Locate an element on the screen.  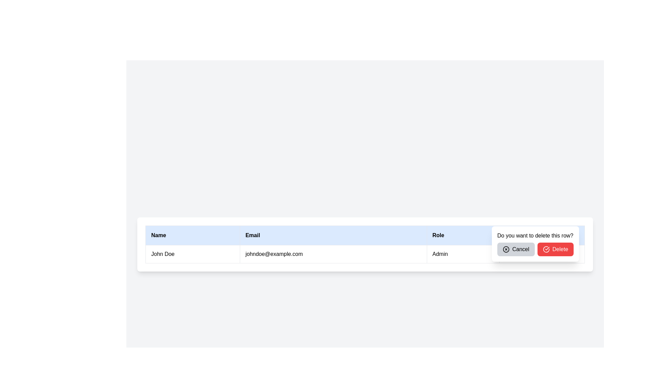
the confirmation deletion button located at the bottom right of the modal, next to the grey 'Cancel' button is located at coordinates (555, 249).